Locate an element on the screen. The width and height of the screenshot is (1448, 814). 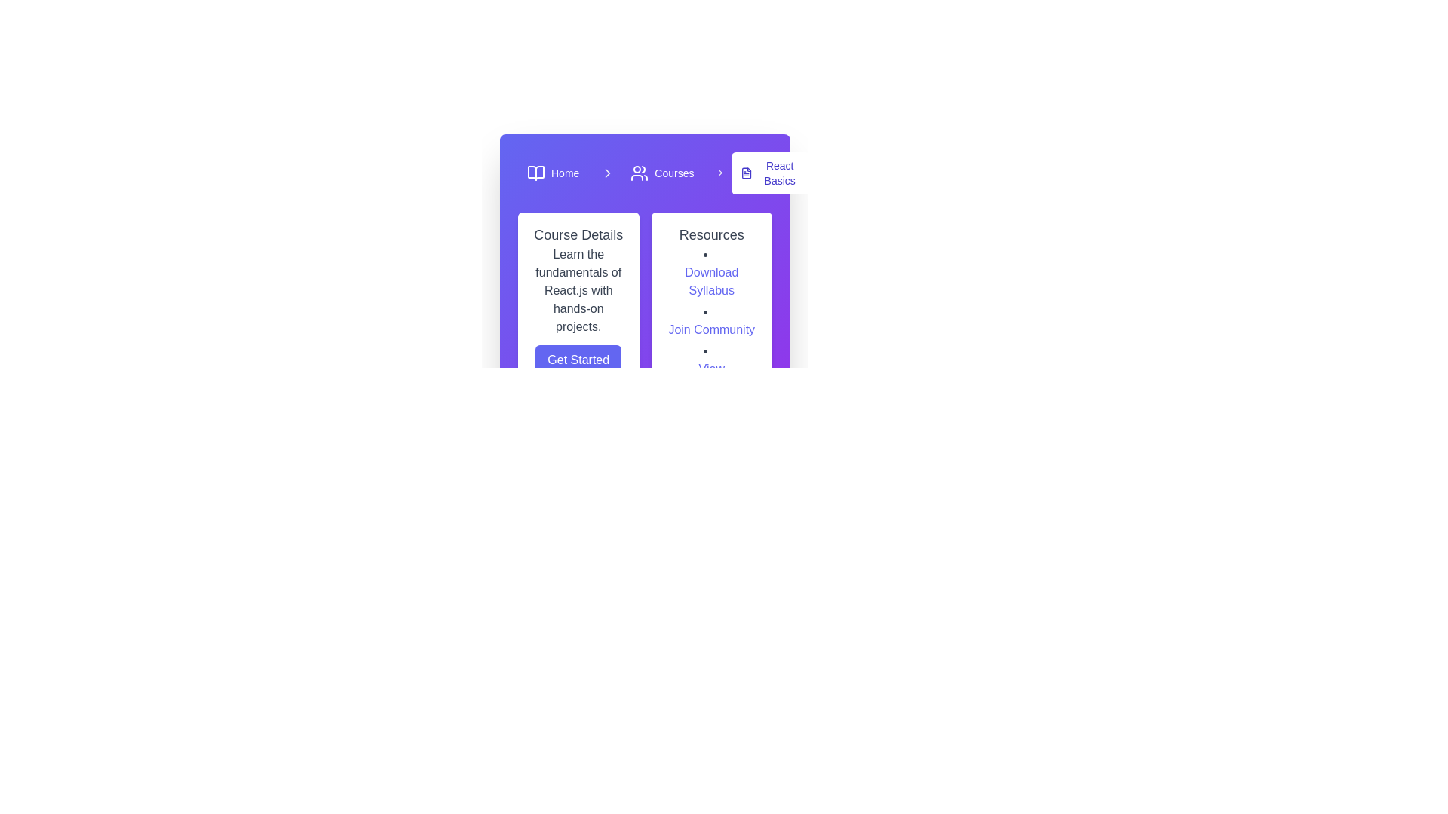
the 'React Basics' text navigation link located near the top-right of the interface is located at coordinates (780, 173).